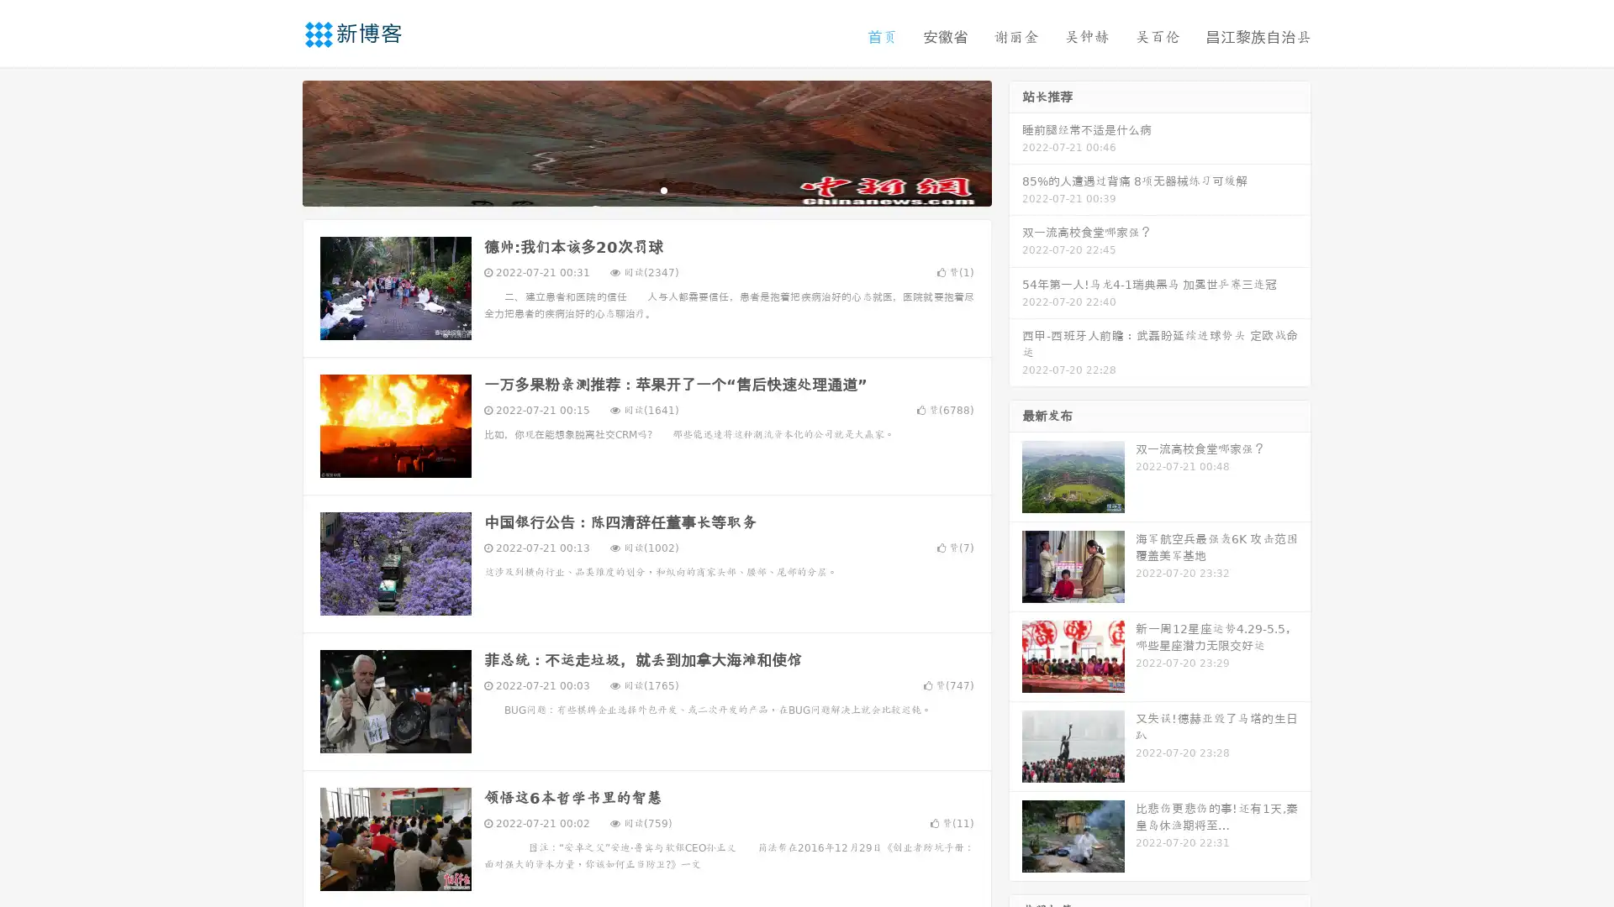 The image size is (1614, 907). What do you see at coordinates (629, 189) in the screenshot?
I see `Go to slide 1` at bounding box center [629, 189].